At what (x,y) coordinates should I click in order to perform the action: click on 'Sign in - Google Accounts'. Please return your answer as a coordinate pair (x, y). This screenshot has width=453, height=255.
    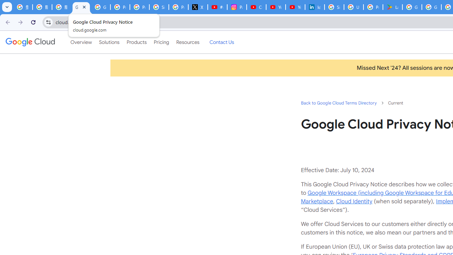
    Looking at the image, I should click on (159, 7).